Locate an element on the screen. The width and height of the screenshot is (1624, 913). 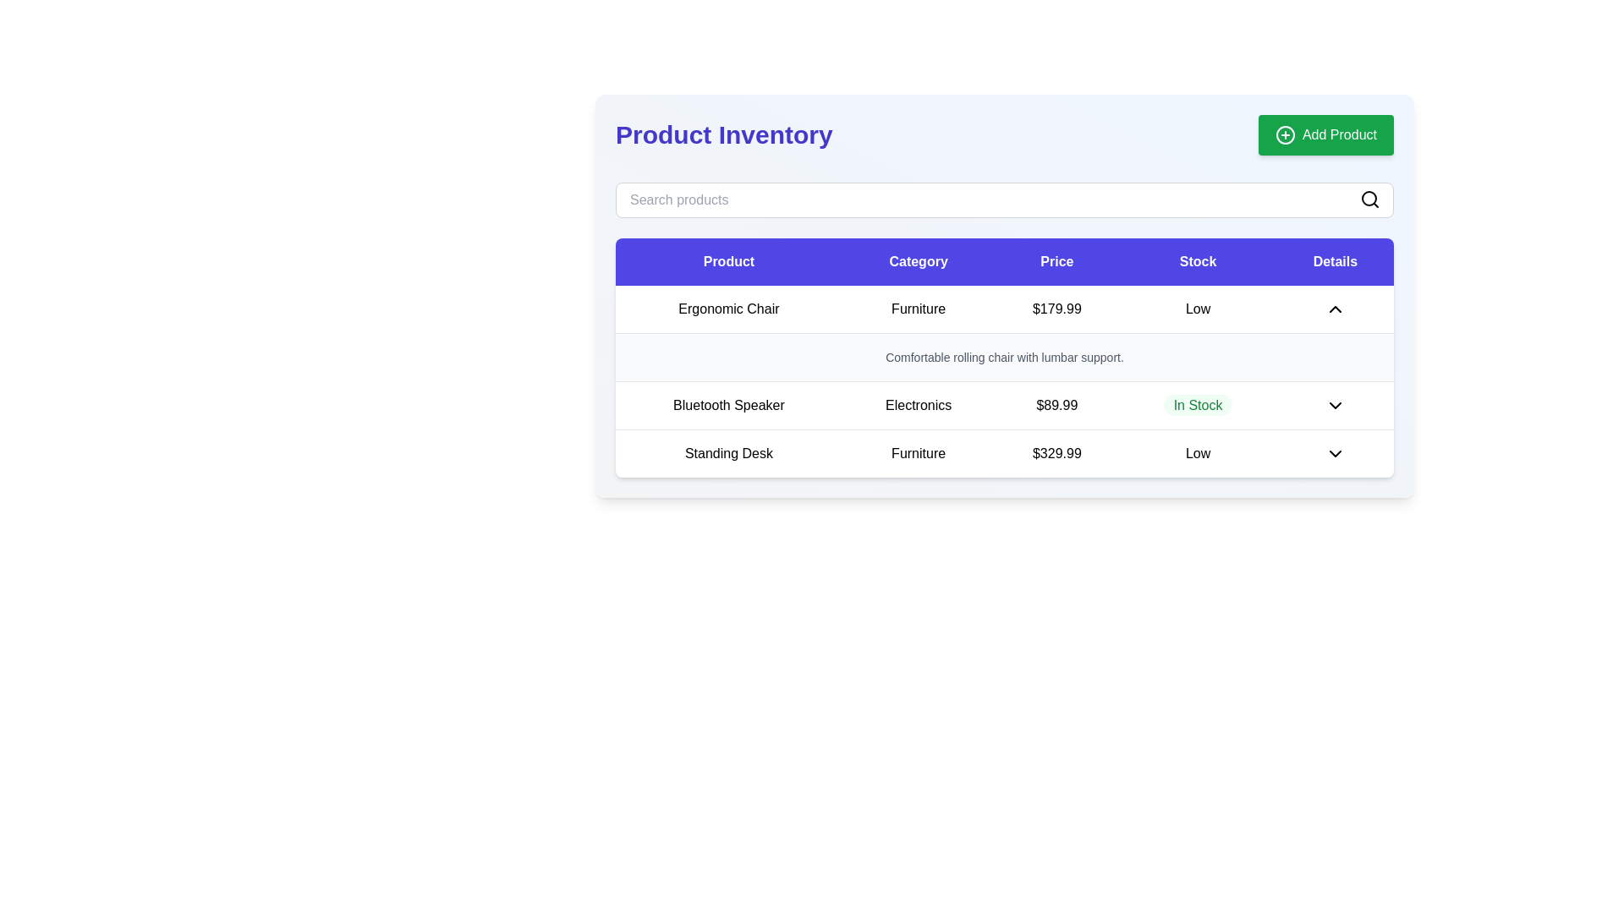
the Text Label displaying the price '$89.99' for the product 'Bluetooth Speaker' in the price column of the table is located at coordinates (1056, 405).